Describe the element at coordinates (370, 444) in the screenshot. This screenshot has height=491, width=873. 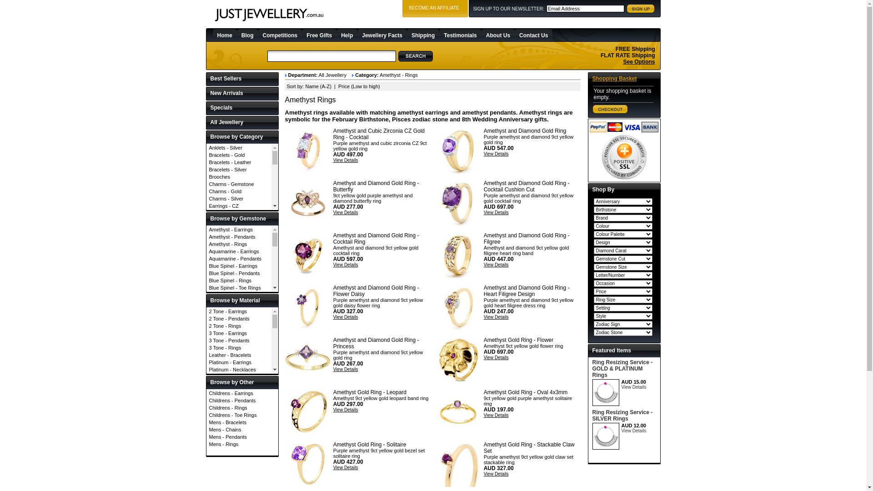
I see `'Amethyst Gold Ring - Solitaire'` at that location.